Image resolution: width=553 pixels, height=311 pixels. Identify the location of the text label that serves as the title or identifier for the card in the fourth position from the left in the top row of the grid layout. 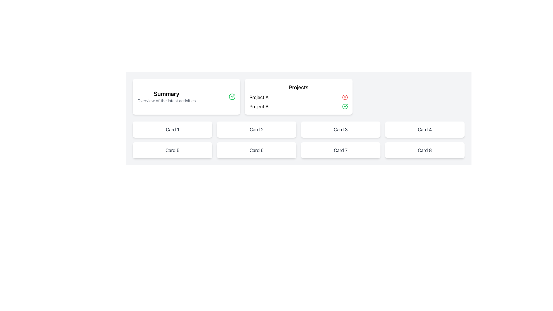
(425, 130).